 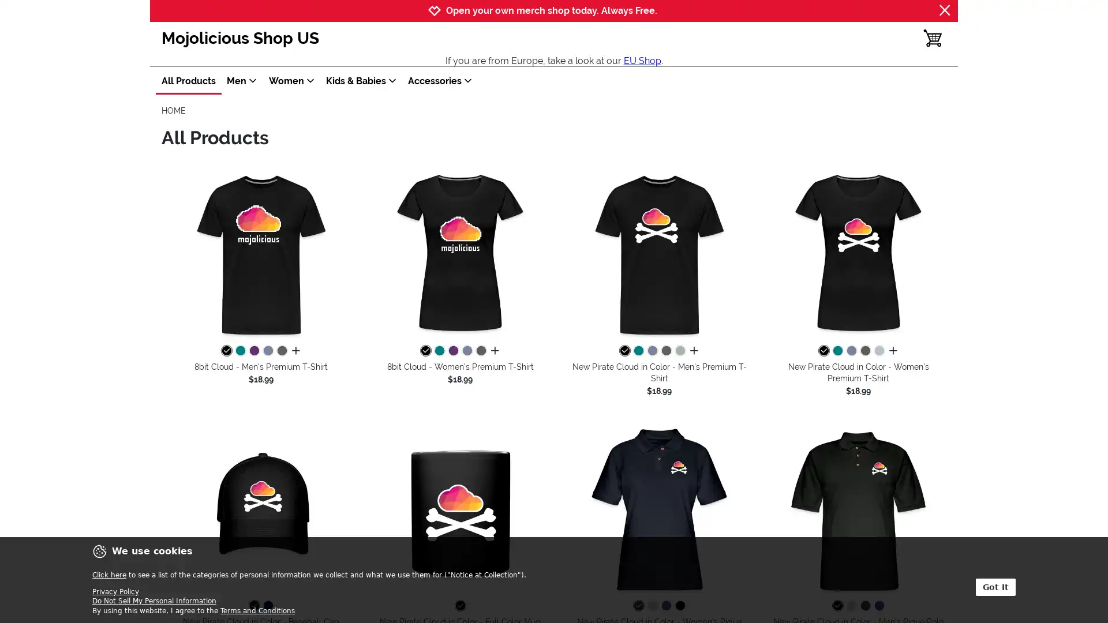 What do you see at coordinates (837, 351) in the screenshot?
I see `teal` at bounding box center [837, 351].